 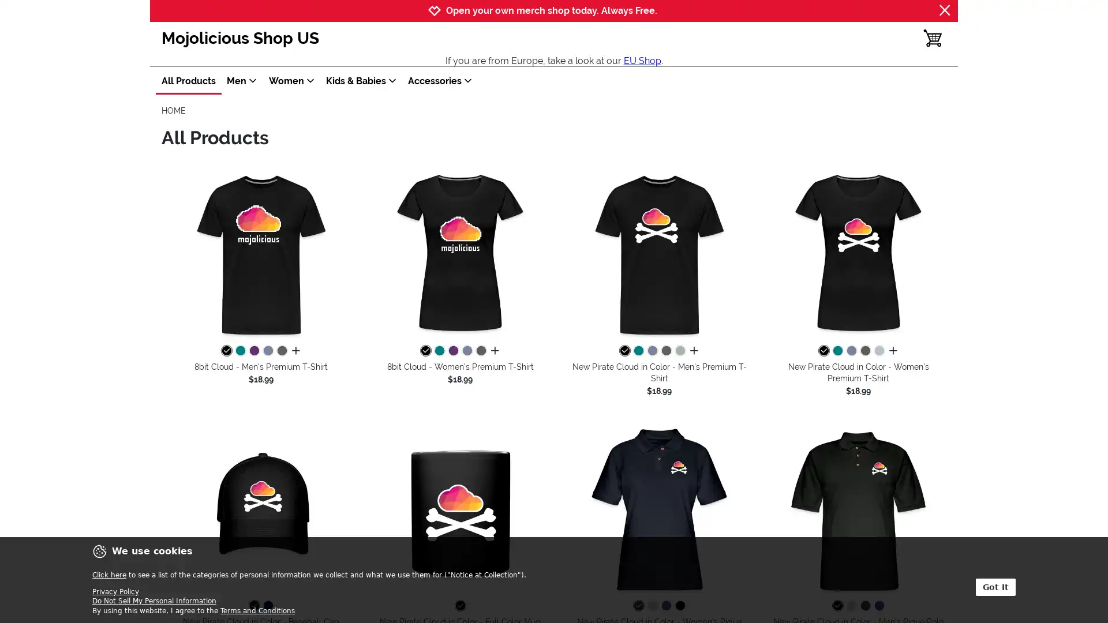 What do you see at coordinates (837, 351) in the screenshot?
I see `teal` at bounding box center [837, 351].